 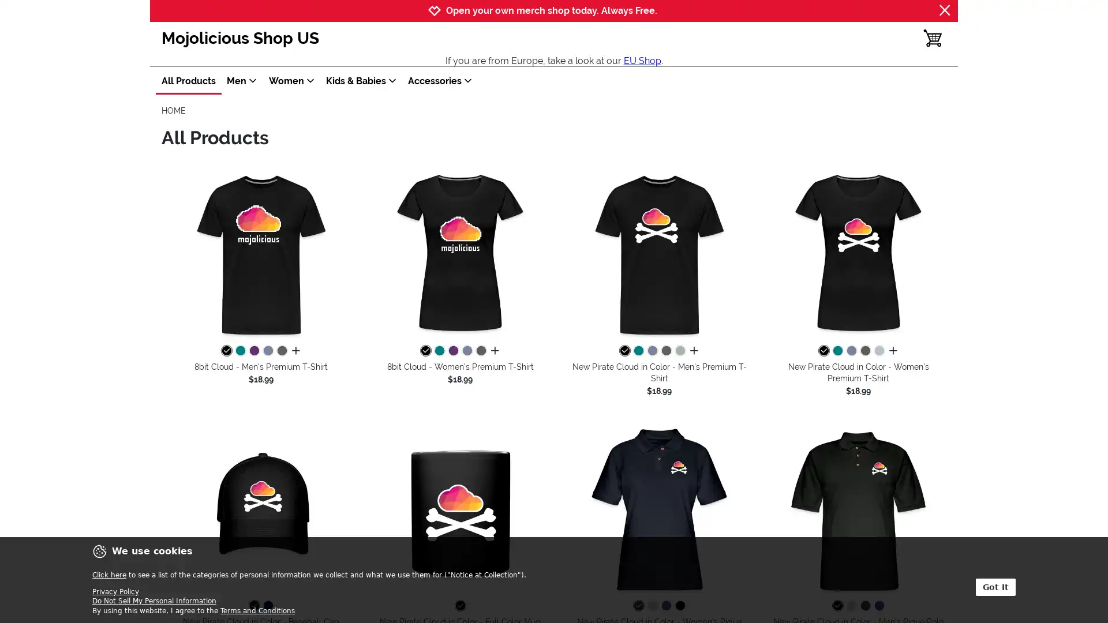 What do you see at coordinates (837, 351) in the screenshot?
I see `teal` at bounding box center [837, 351].